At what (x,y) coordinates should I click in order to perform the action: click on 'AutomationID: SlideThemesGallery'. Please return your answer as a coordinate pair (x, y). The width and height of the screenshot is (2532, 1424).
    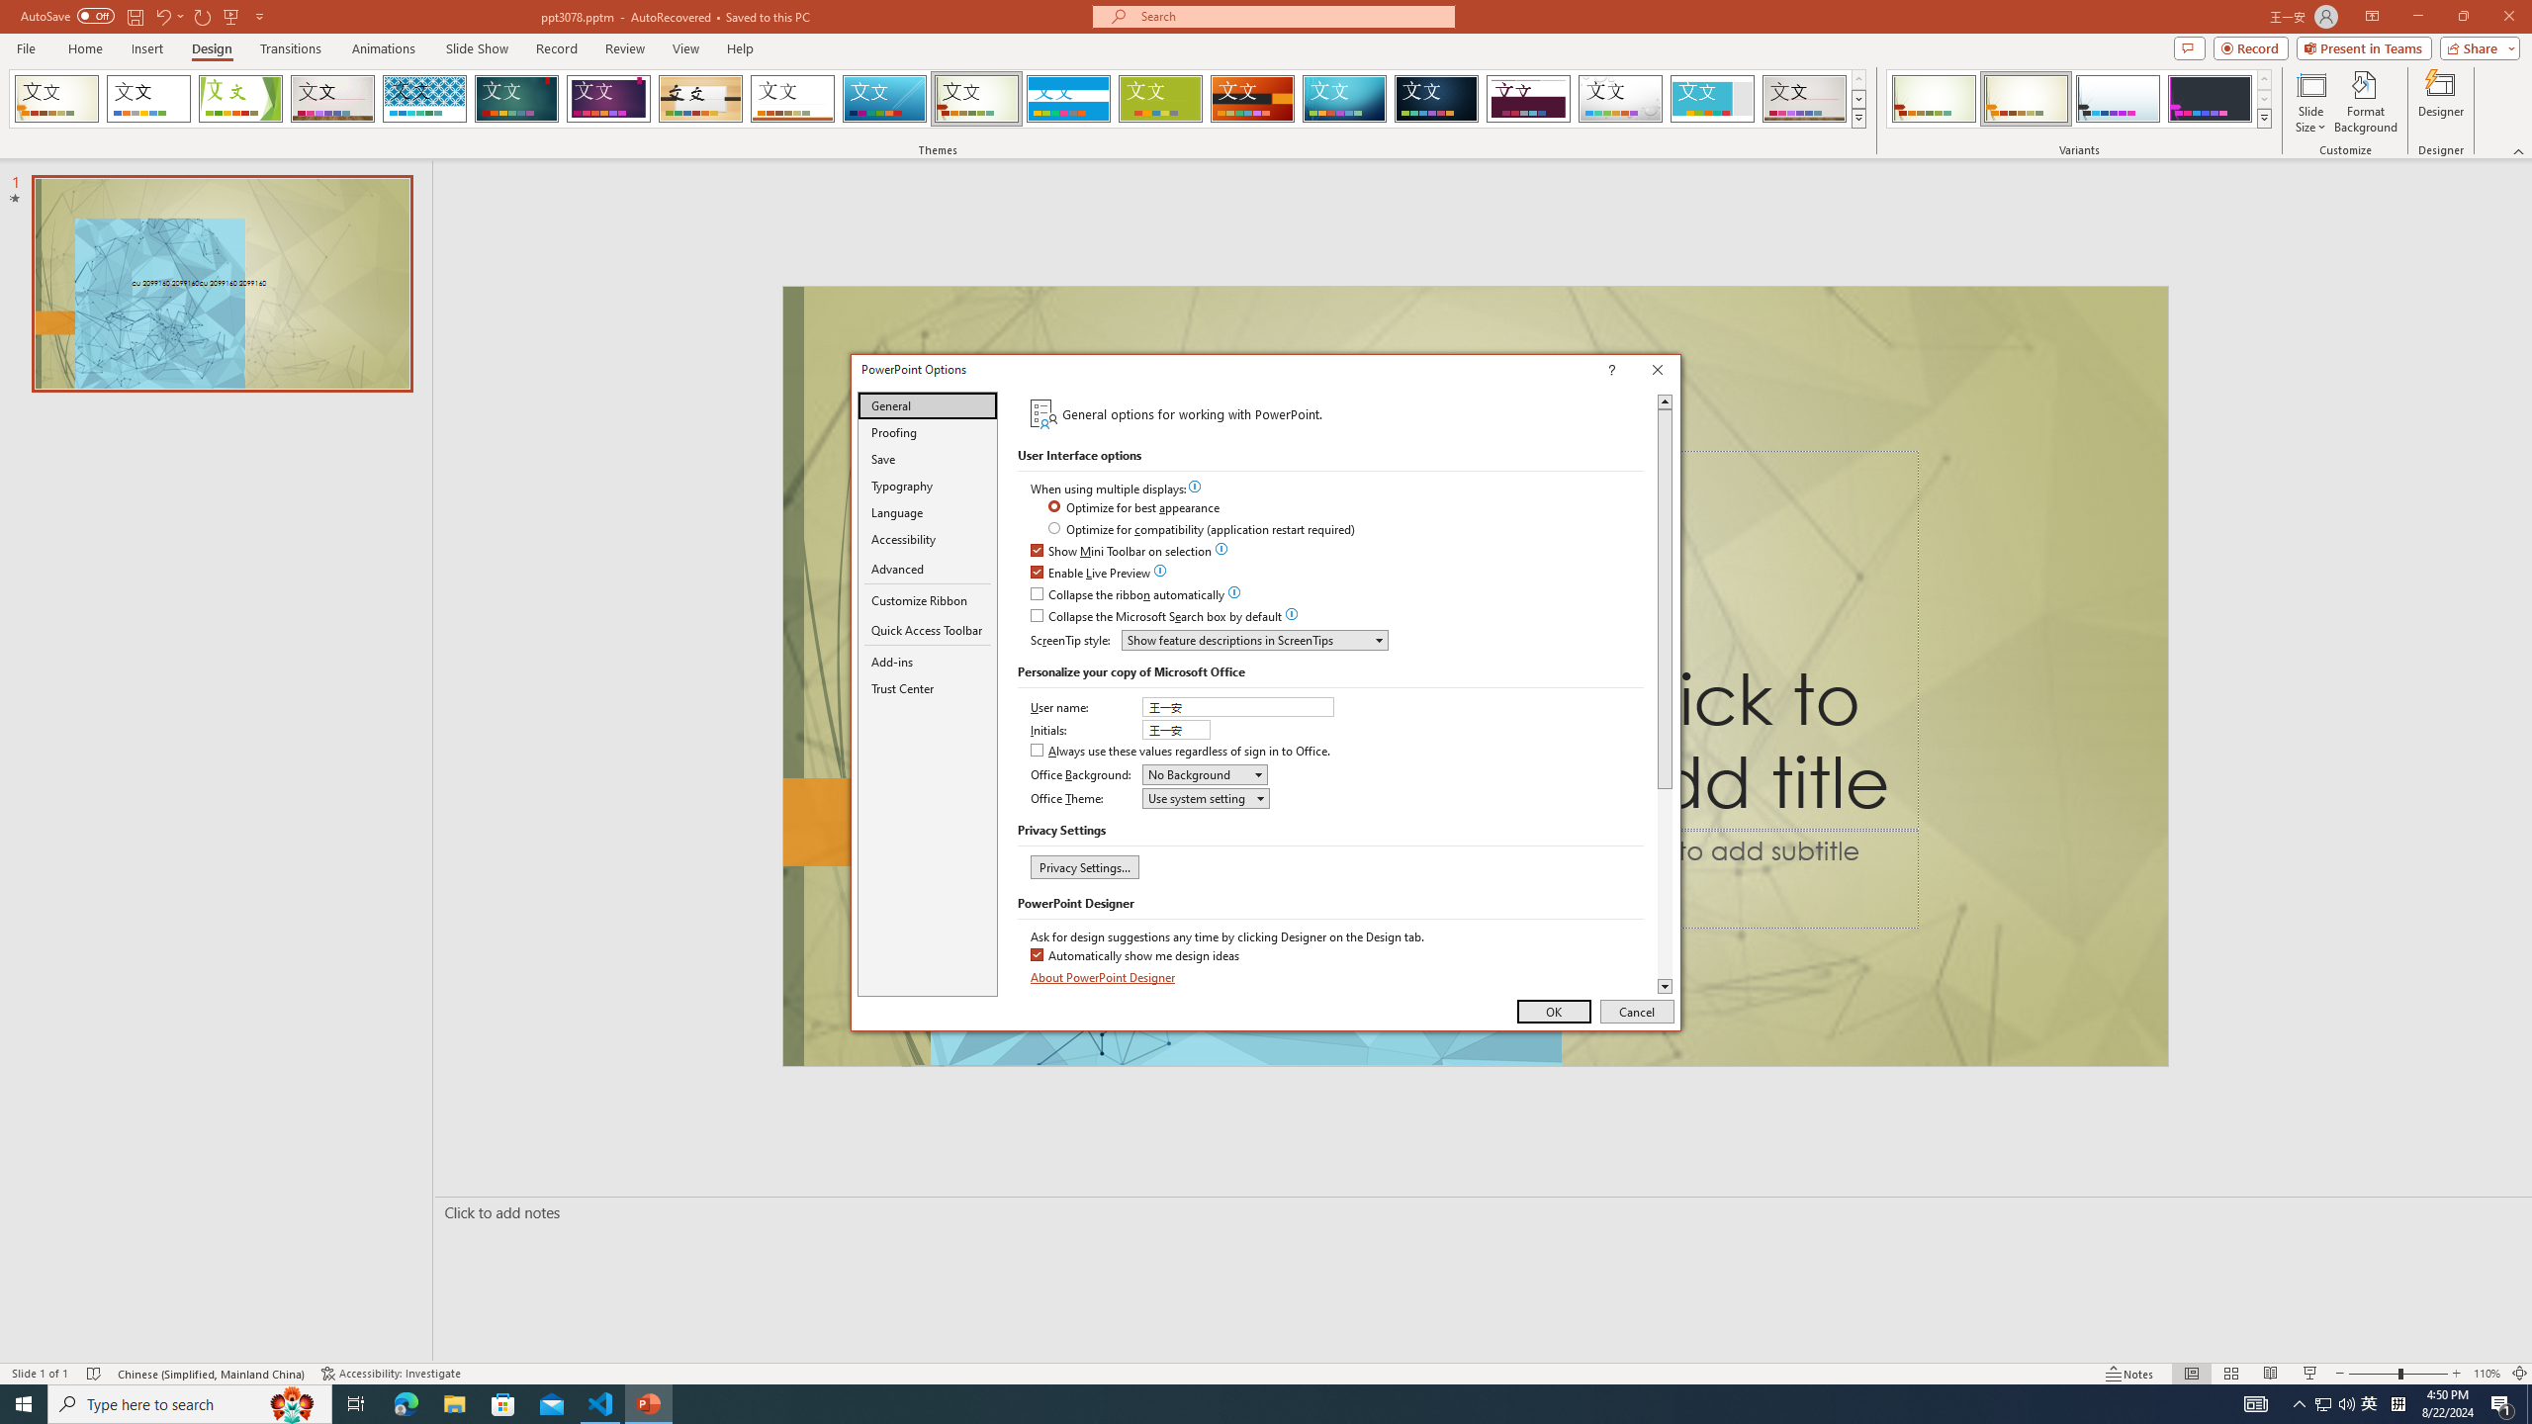
    Looking at the image, I should click on (937, 98).